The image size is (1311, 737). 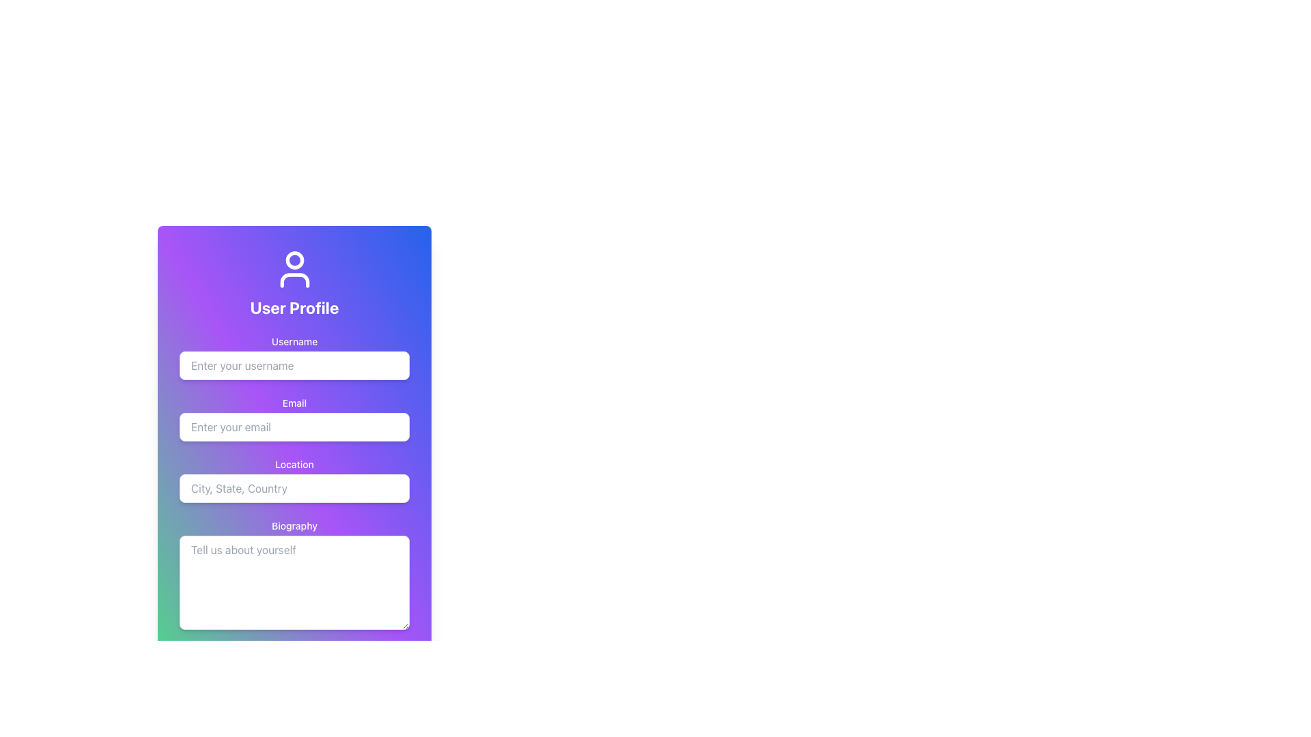 I want to click on the user profile icon, which is a minimalistic SVG icon with a white stroke on a gradient background, positioned centrally above the 'User Profile' text, so click(x=294, y=269).